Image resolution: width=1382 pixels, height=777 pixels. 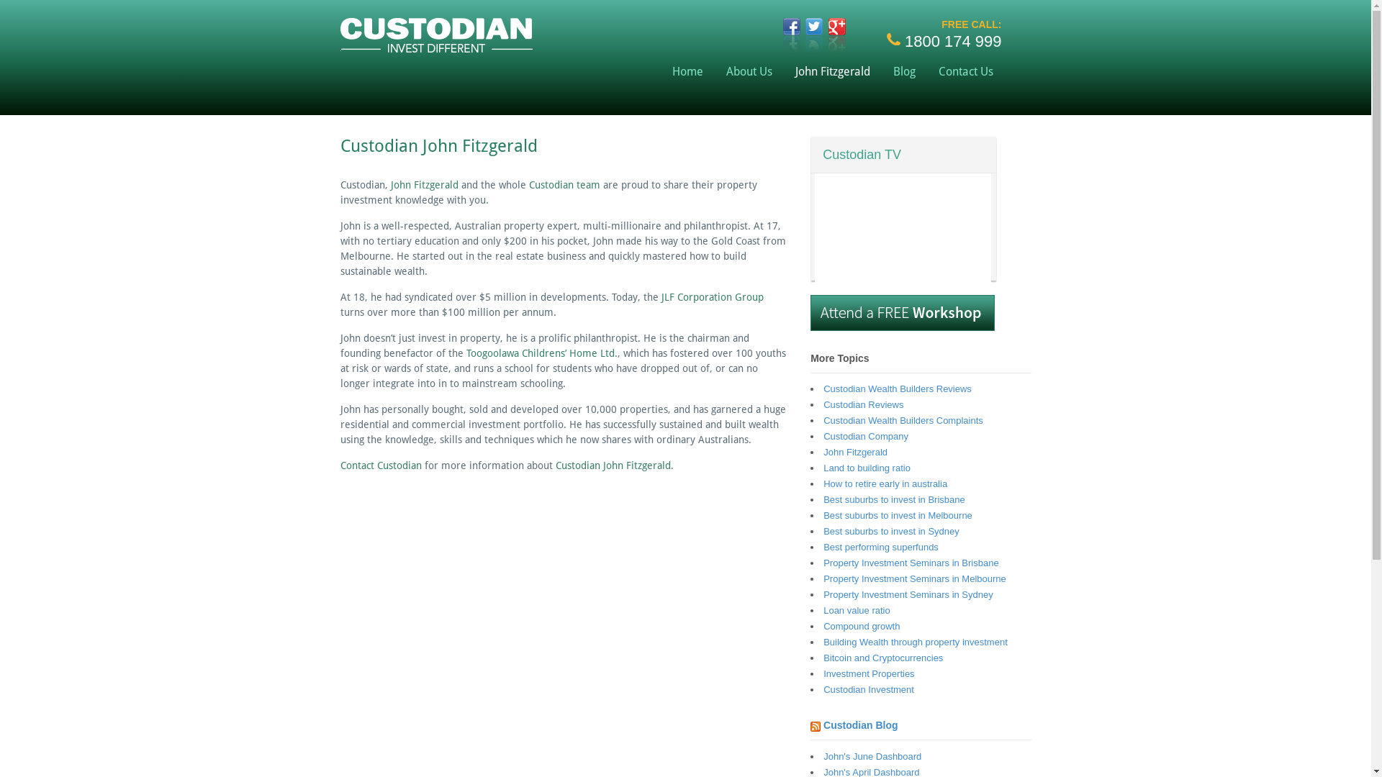 I want to click on 'Custodian Wealth Builders Complaints', so click(x=902, y=420).